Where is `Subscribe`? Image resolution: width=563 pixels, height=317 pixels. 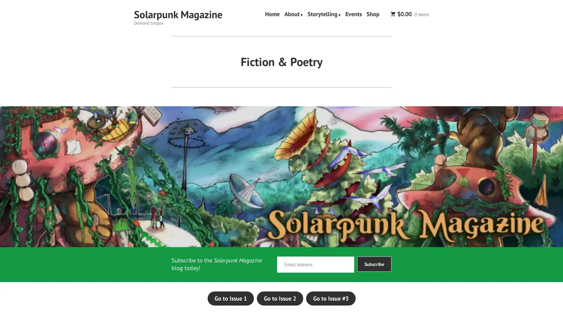 Subscribe is located at coordinates (374, 264).